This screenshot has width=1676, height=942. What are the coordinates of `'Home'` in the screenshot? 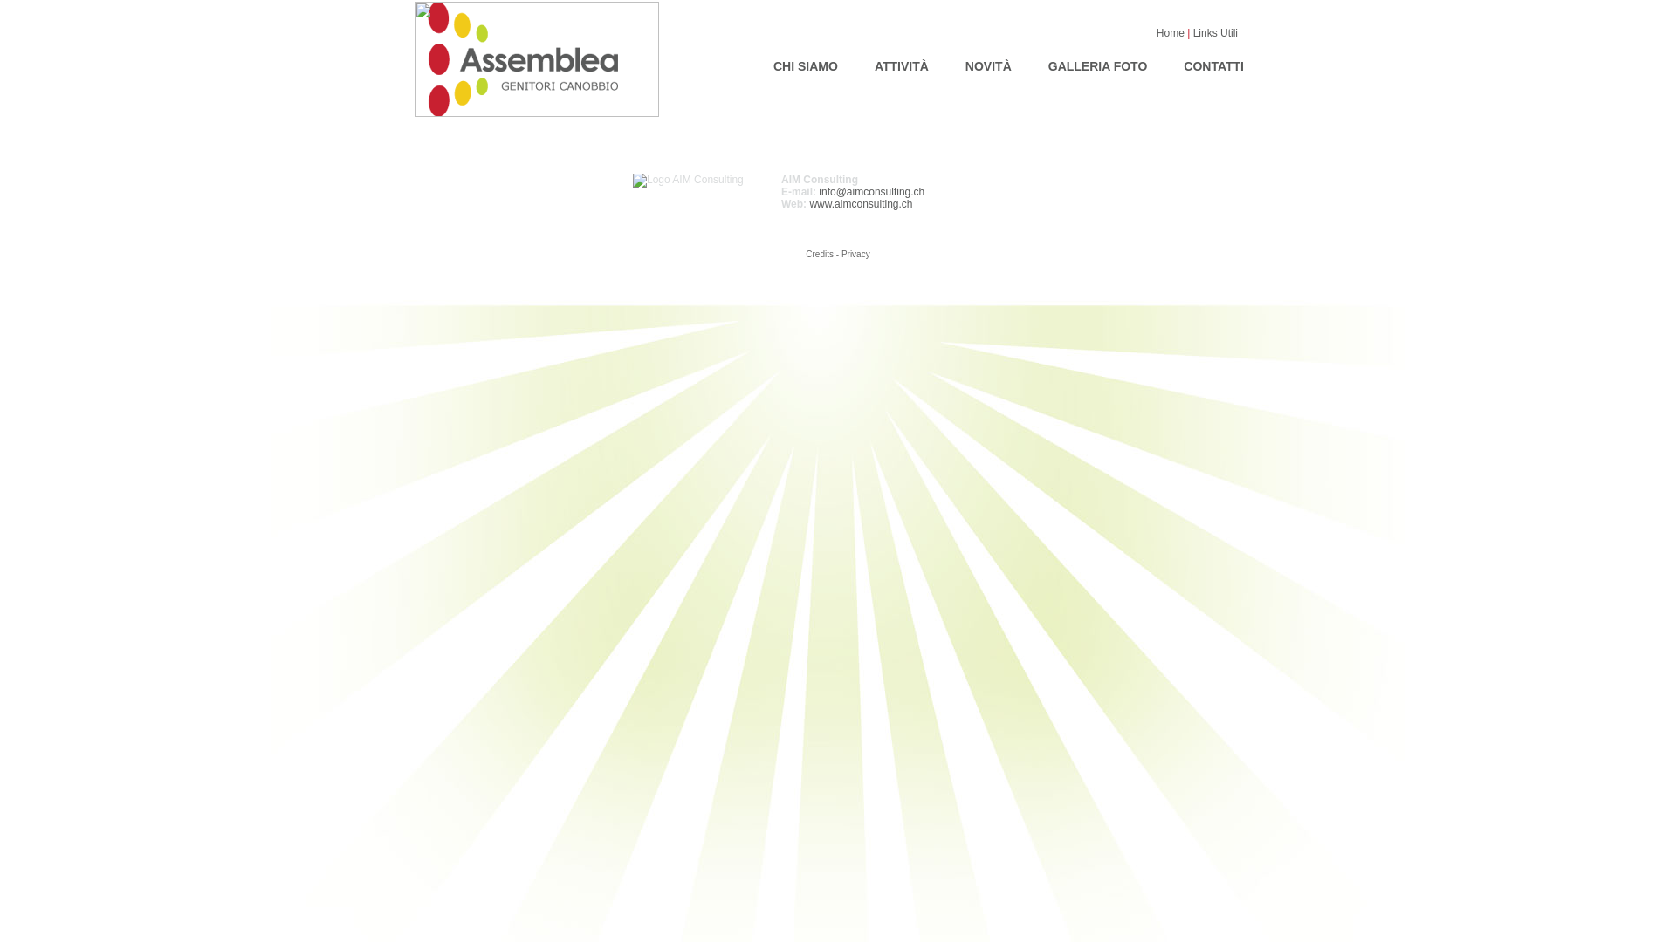 It's located at (1156, 33).